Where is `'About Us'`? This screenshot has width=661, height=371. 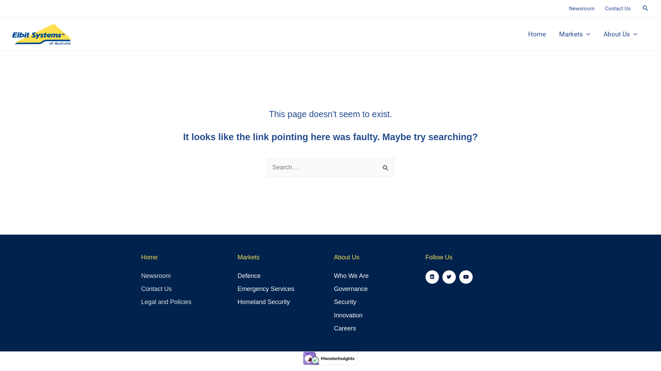
'About Us' is located at coordinates (620, 34).